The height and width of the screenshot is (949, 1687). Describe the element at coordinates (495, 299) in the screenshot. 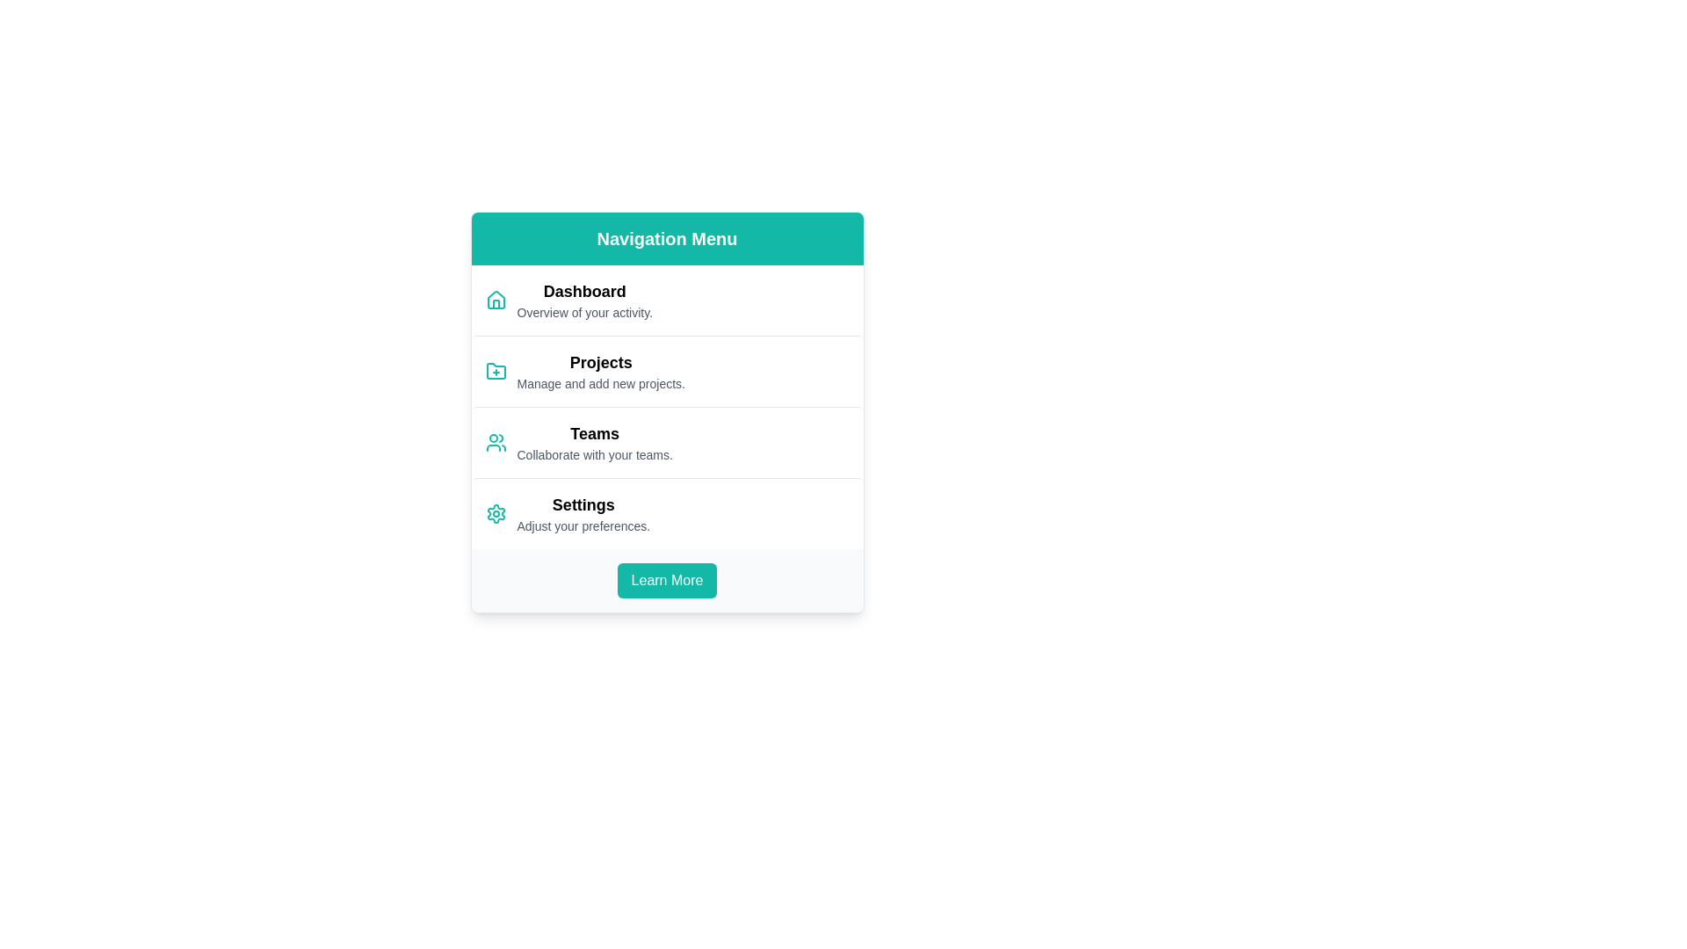

I see `the bottom portion of the home icon` at that location.